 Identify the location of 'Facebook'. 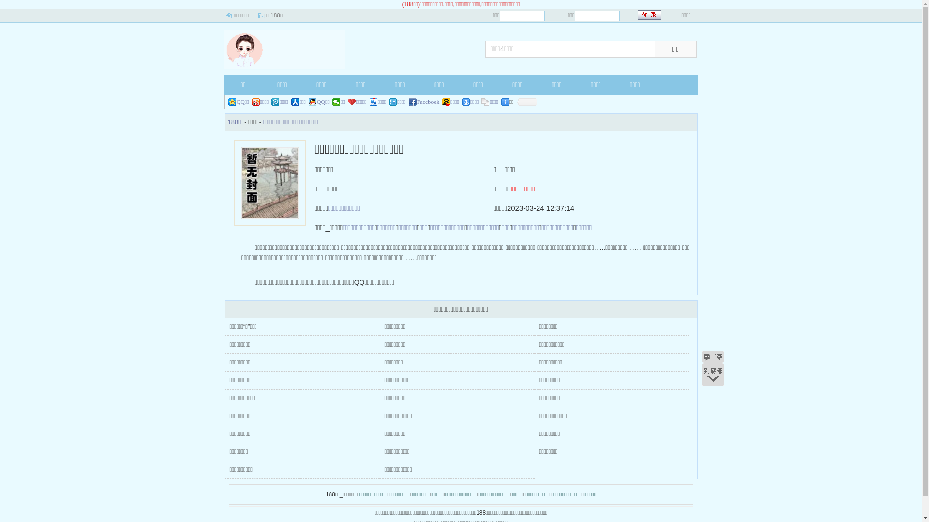
(424, 102).